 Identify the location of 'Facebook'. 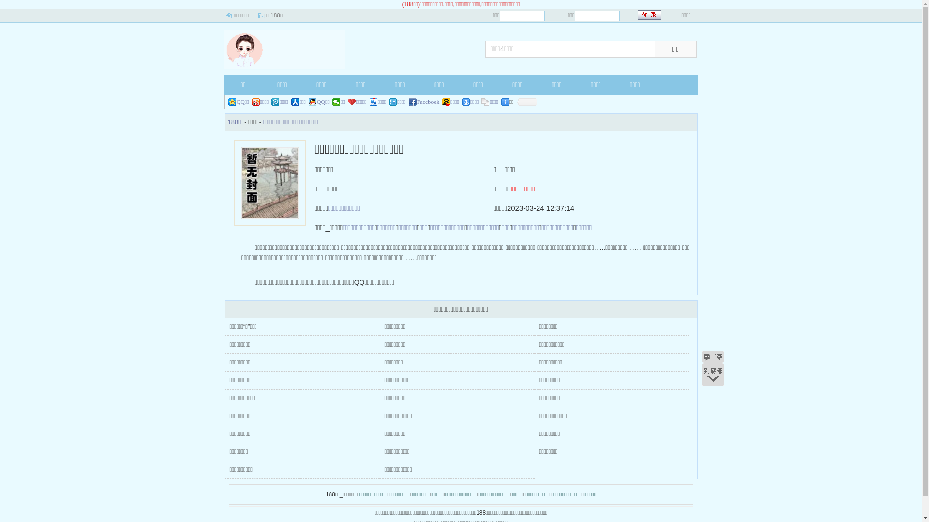
(424, 102).